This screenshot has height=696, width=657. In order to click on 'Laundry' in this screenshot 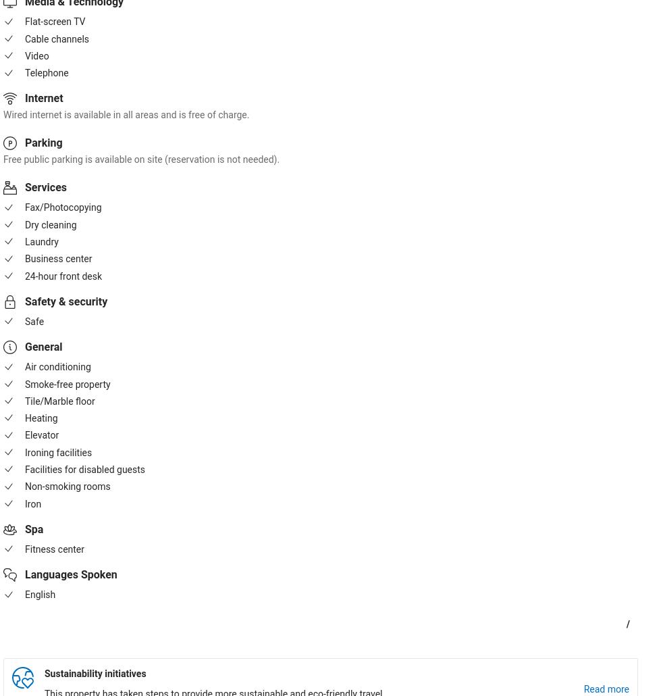, I will do `click(41, 242)`.